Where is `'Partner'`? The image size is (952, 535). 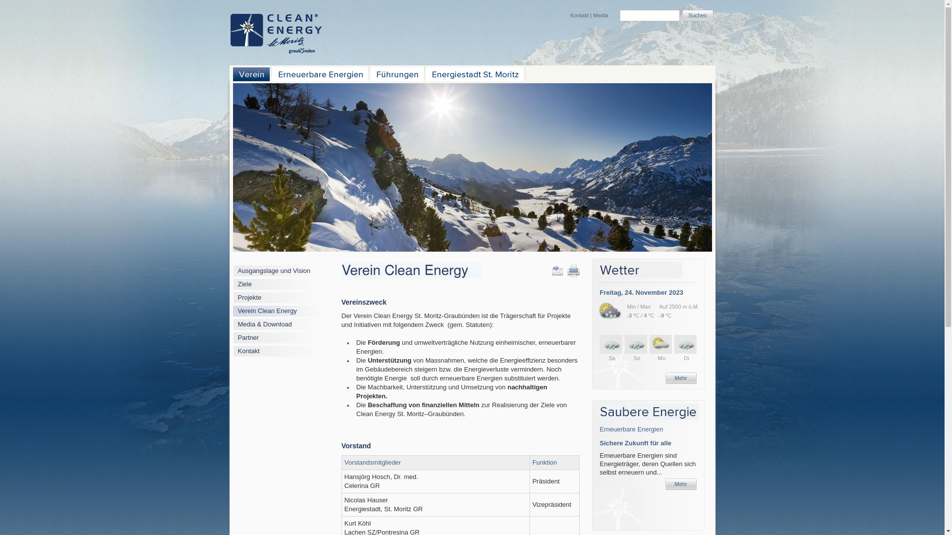 'Partner' is located at coordinates (248, 337).